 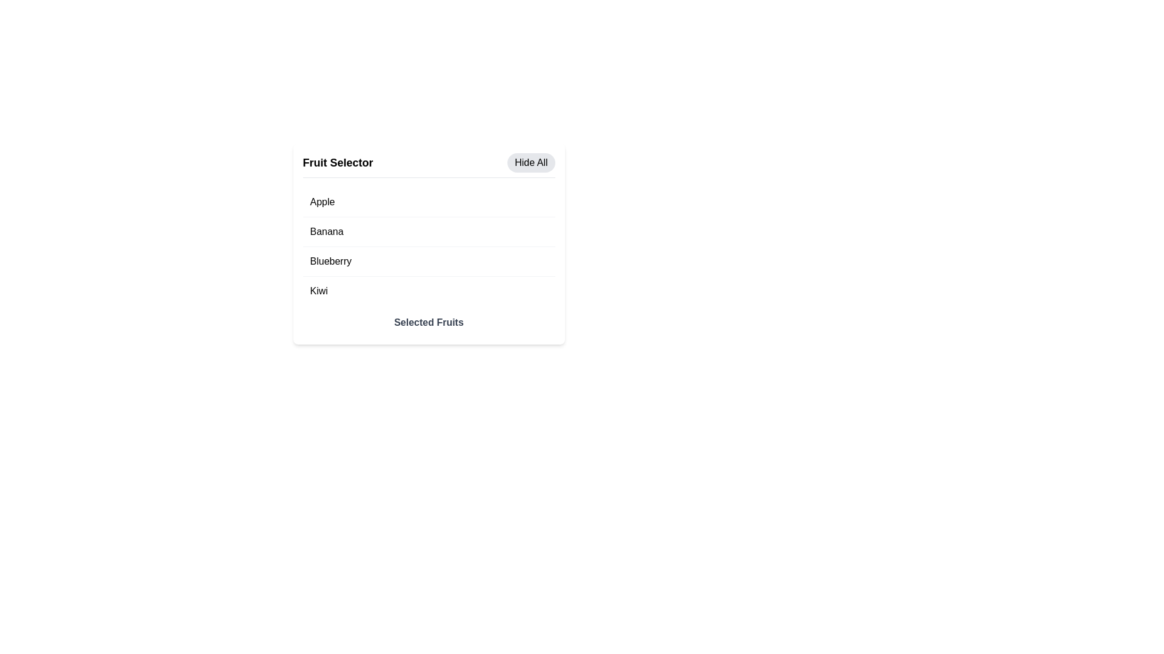 I want to click on the text label containing the word 'Apple', which is the first item in the list under the heading 'Fruit Selector', so click(x=323, y=202).